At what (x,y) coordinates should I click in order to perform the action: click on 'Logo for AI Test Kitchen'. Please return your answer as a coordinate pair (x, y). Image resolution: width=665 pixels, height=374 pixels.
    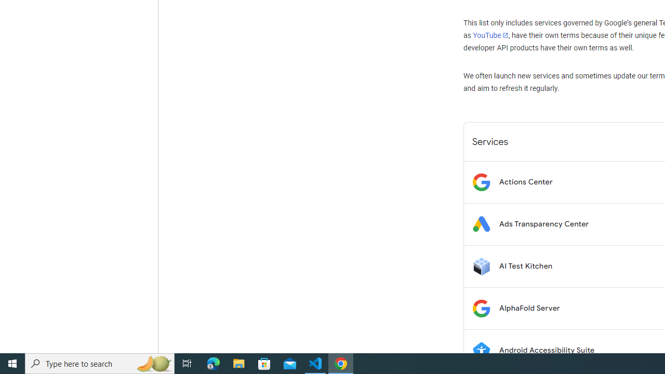
    Looking at the image, I should click on (481, 265).